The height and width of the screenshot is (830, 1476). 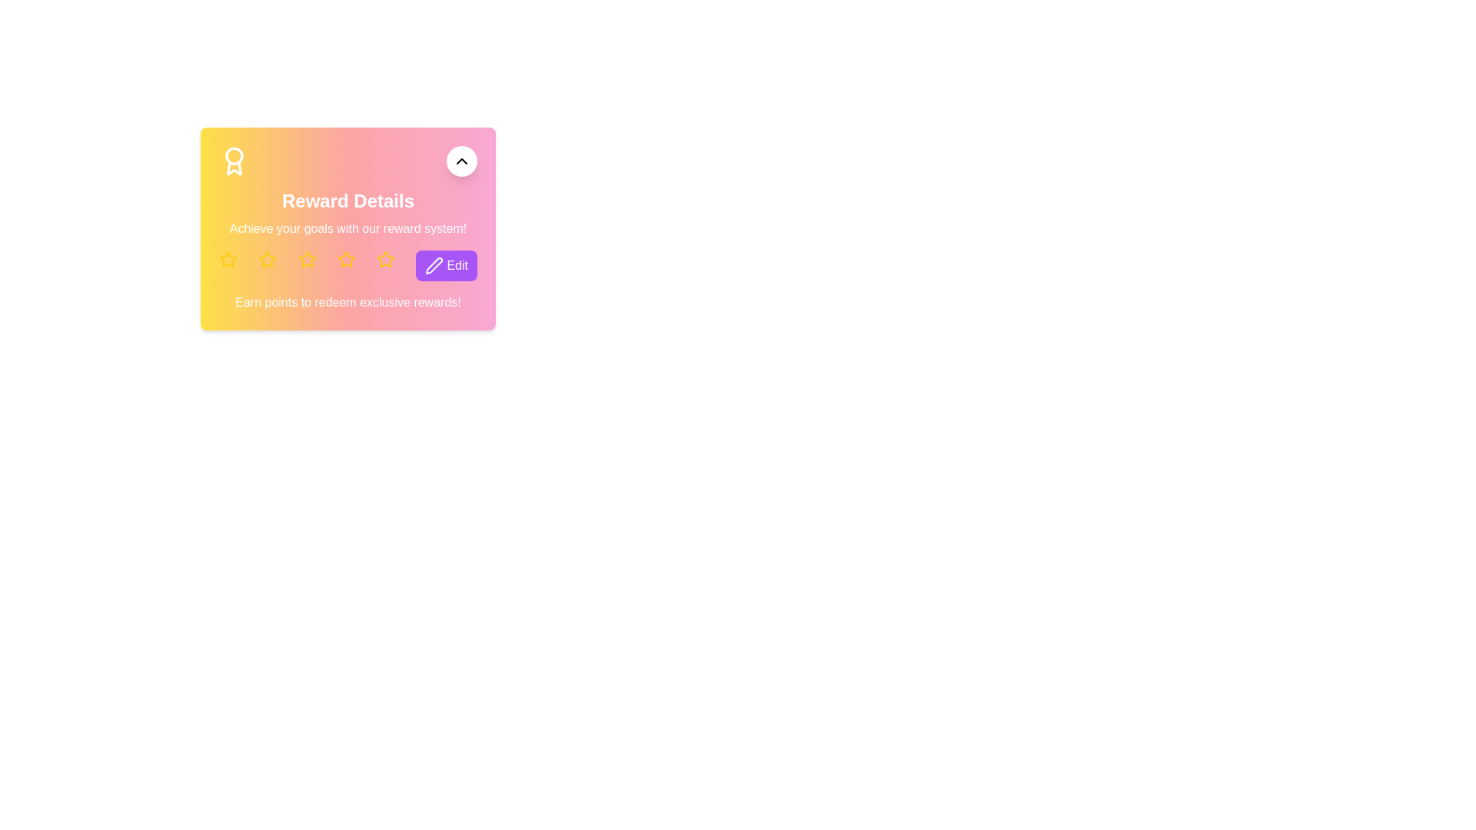 I want to click on the third star icon in the horizontally aligned group within the 'Reward Details' card, so click(x=307, y=259).